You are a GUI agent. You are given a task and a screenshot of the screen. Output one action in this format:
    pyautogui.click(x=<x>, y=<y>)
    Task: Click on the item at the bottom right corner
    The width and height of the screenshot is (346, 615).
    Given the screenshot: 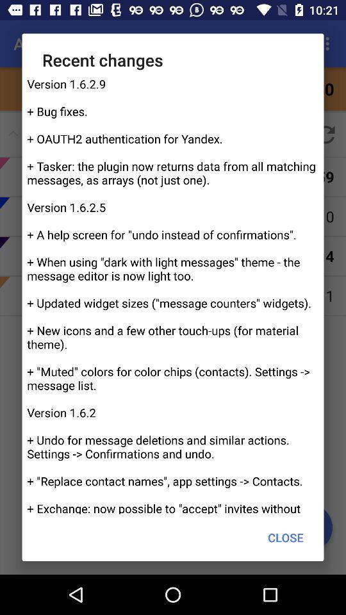 What is the action you would take?
    pyautogui.click(x=286, y=537)
    